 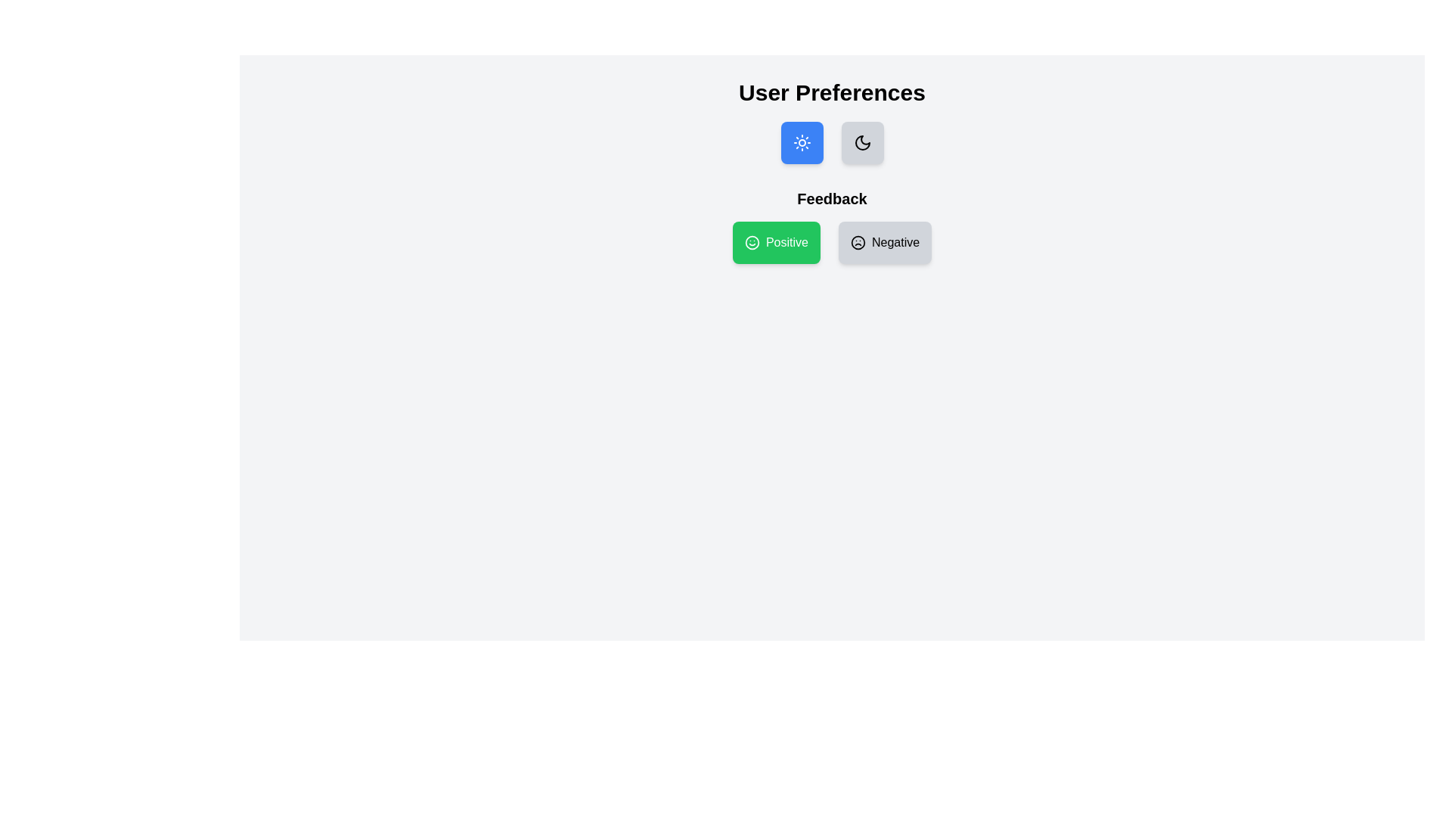 What do you see at coordinates (862, 143) in the screenshot?
I see `the dark mode toggle button, which is the second icon in the top row under the 'User Preferences' section, located to the right of the sun icon` at bounding box center [862, 143].